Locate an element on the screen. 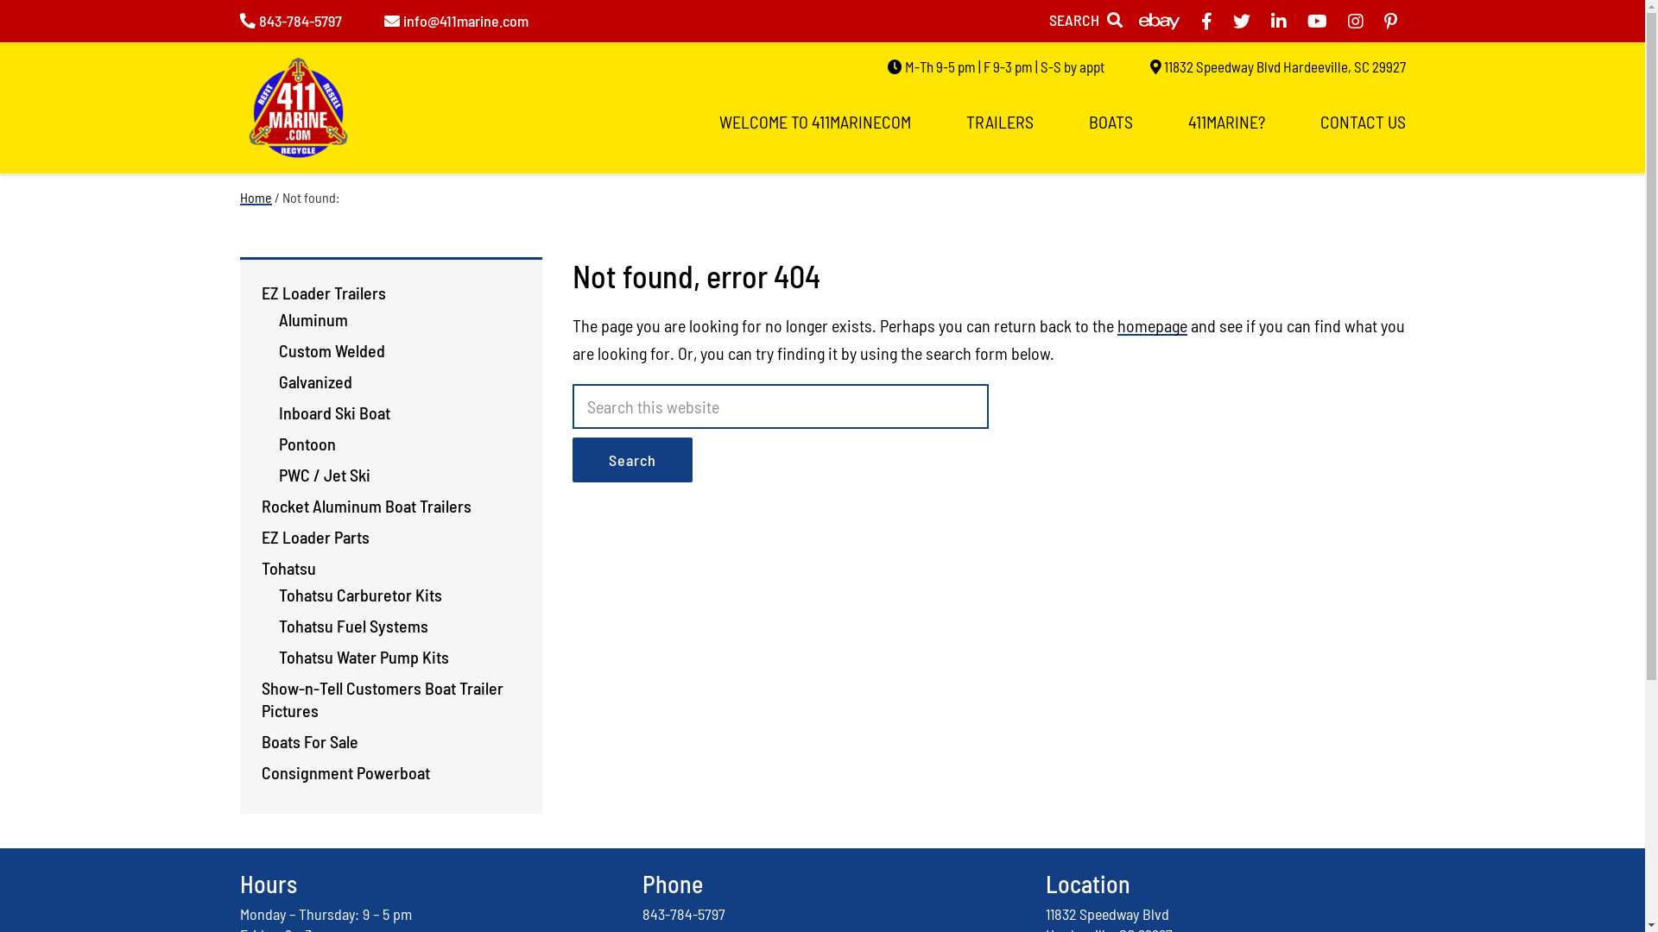  '843-784-5797' is located at coordinates (290, 20).